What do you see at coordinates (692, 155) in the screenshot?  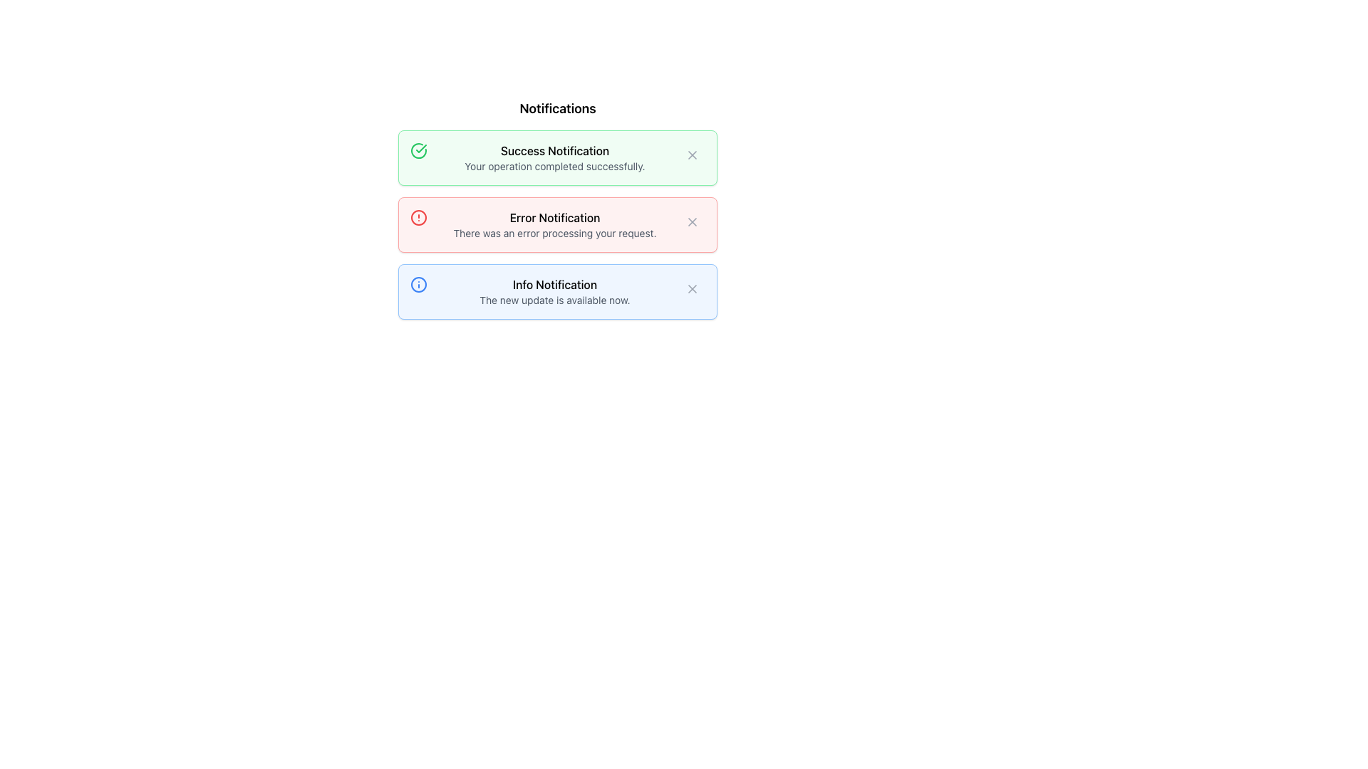 I see `the close icon button located in the top-right corner of the success notification box` at bounding box center [692, 155].